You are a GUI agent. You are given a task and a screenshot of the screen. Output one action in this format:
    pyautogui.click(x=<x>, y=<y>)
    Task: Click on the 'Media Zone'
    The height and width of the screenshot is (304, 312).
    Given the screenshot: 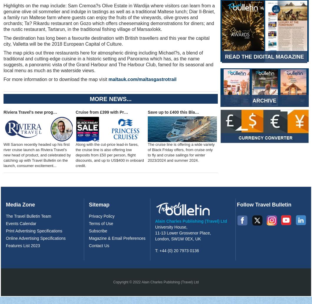 What is the action you would take?
    pyautogui.click(x=20, y=204)
    